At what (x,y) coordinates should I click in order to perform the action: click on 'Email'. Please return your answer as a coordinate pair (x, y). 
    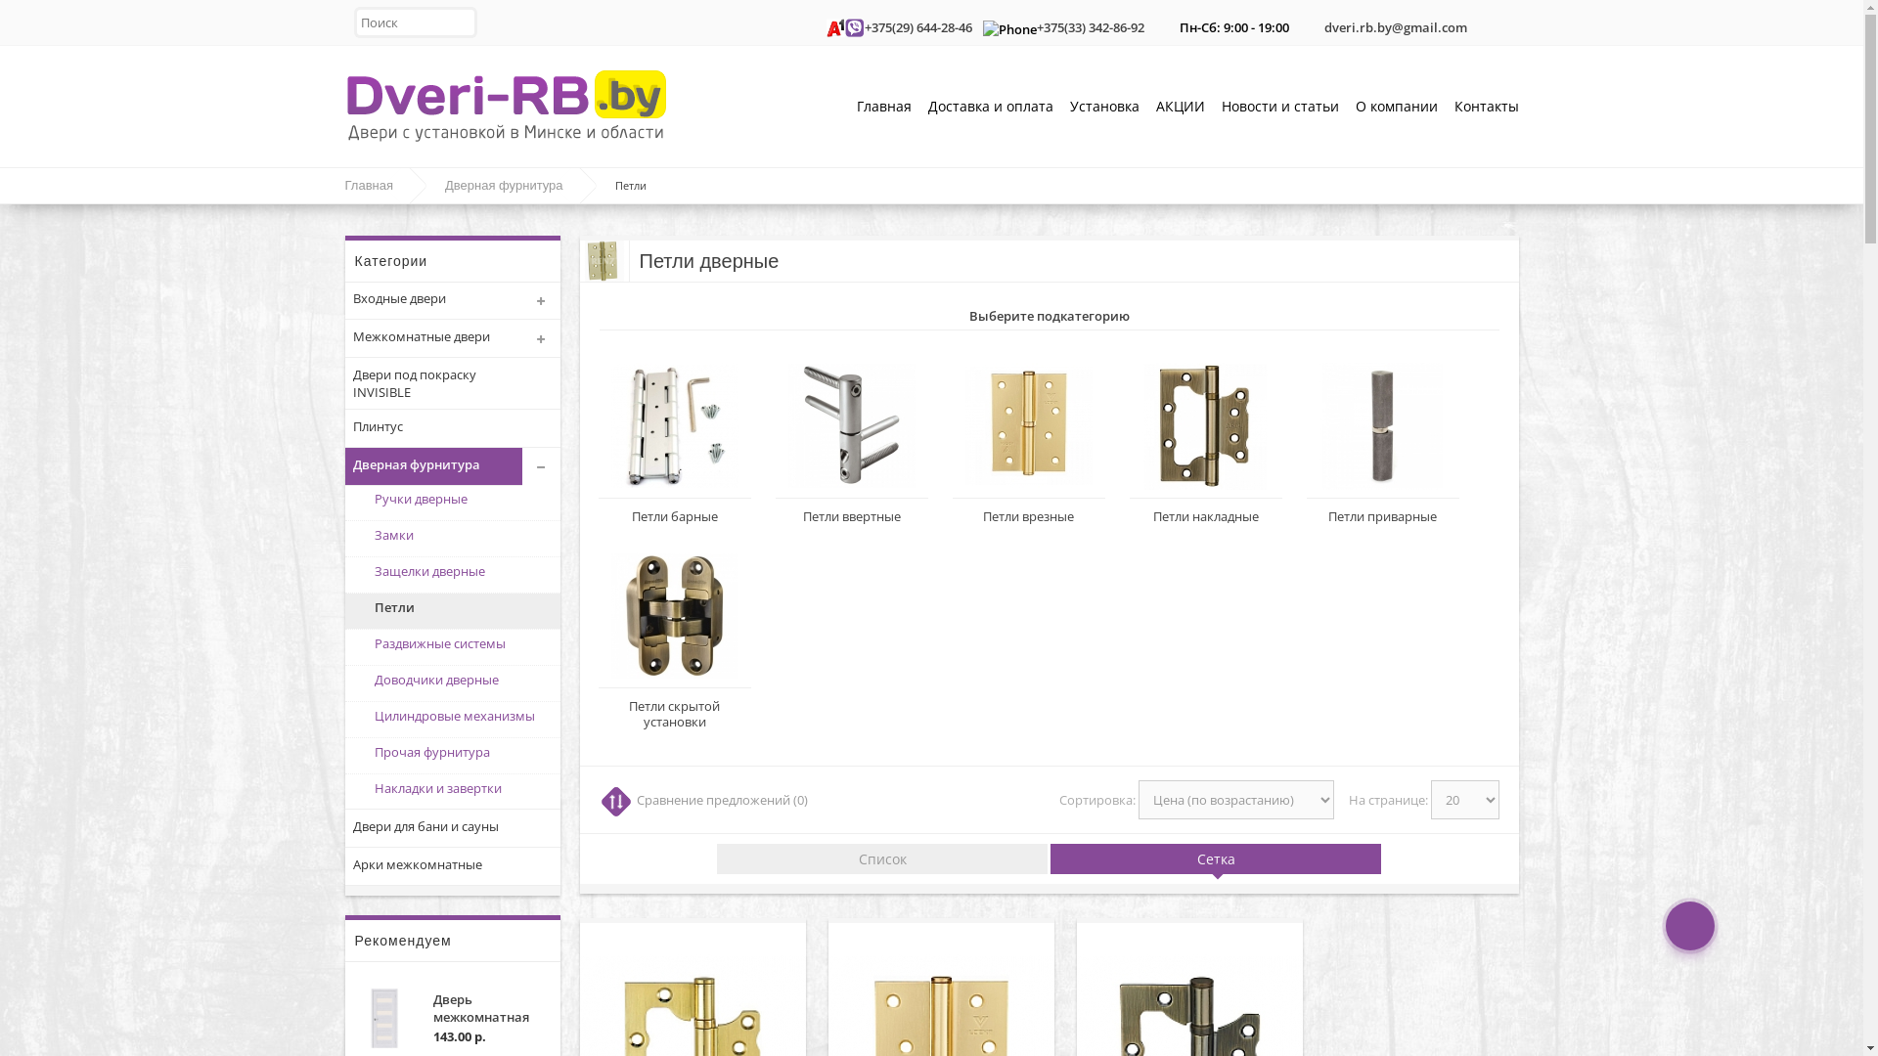
    Looking at the image, I should click on (1310, 22).